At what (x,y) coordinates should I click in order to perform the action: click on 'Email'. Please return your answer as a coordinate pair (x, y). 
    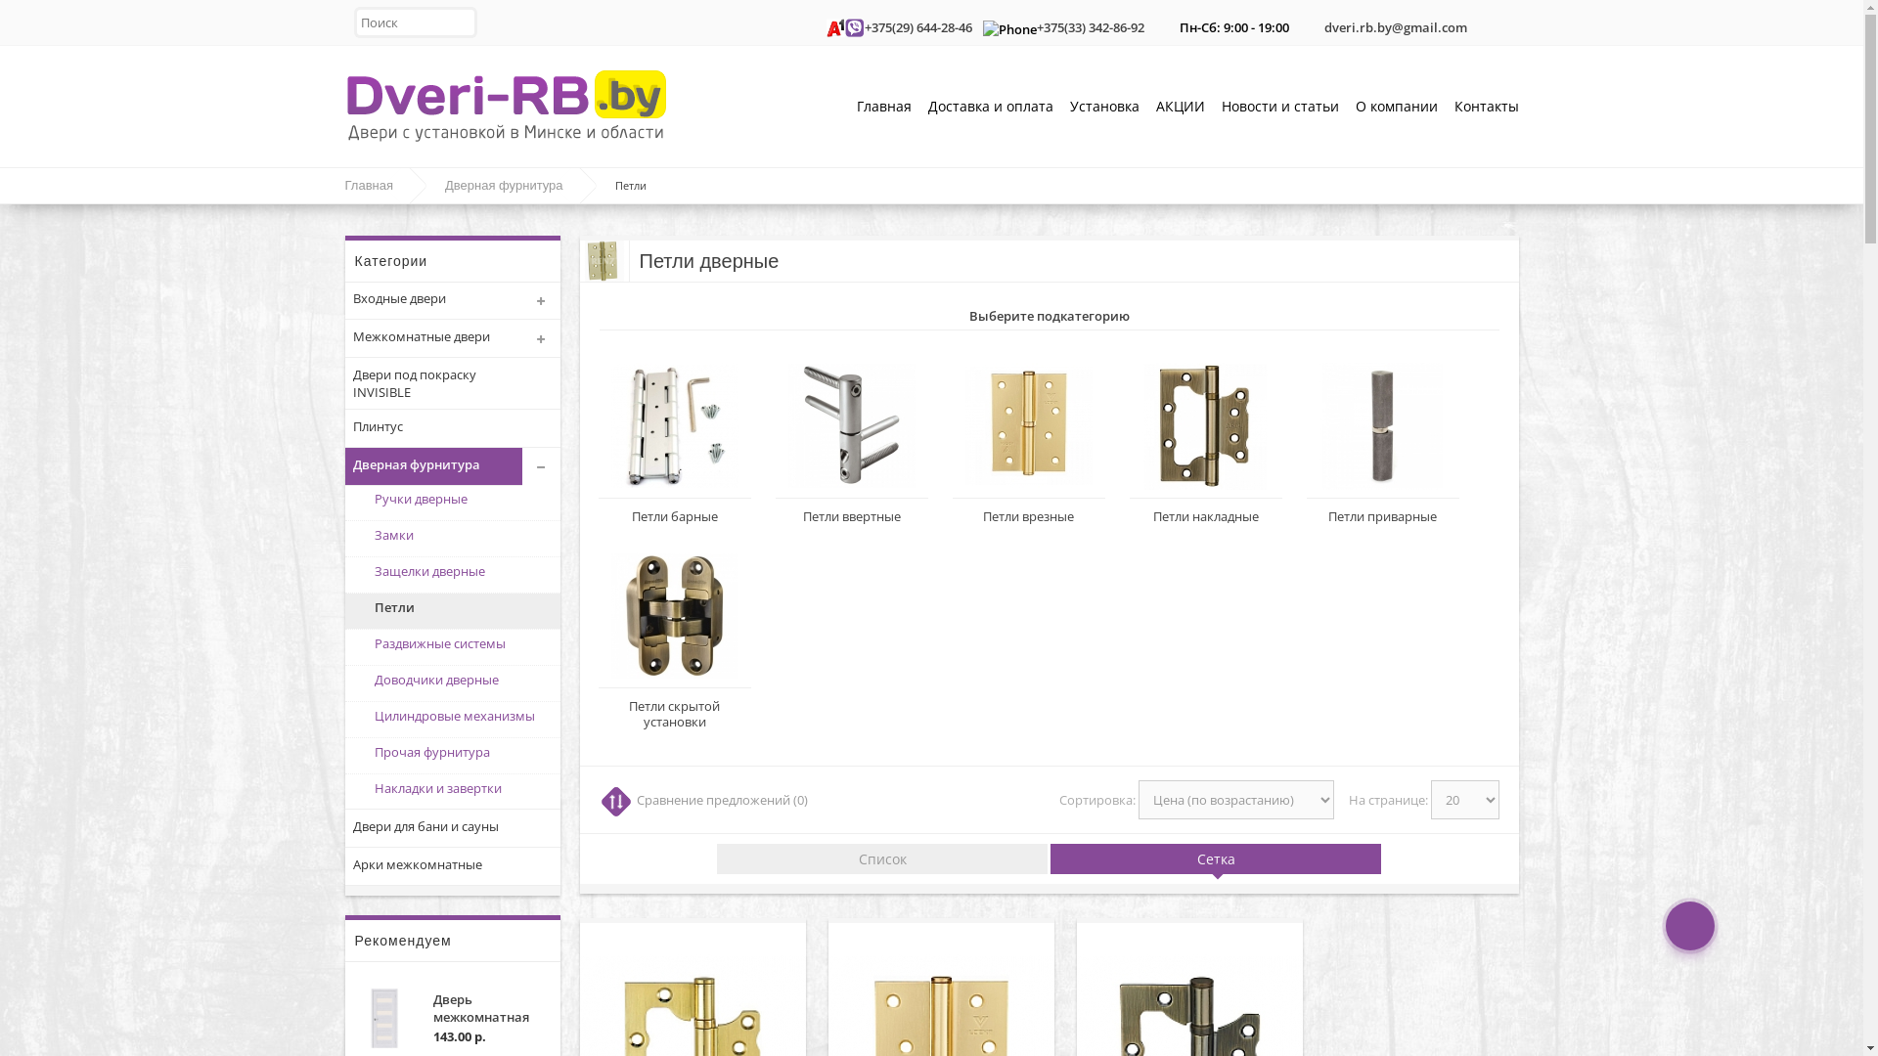
    Looking at the image, I should click on (1310, 22).